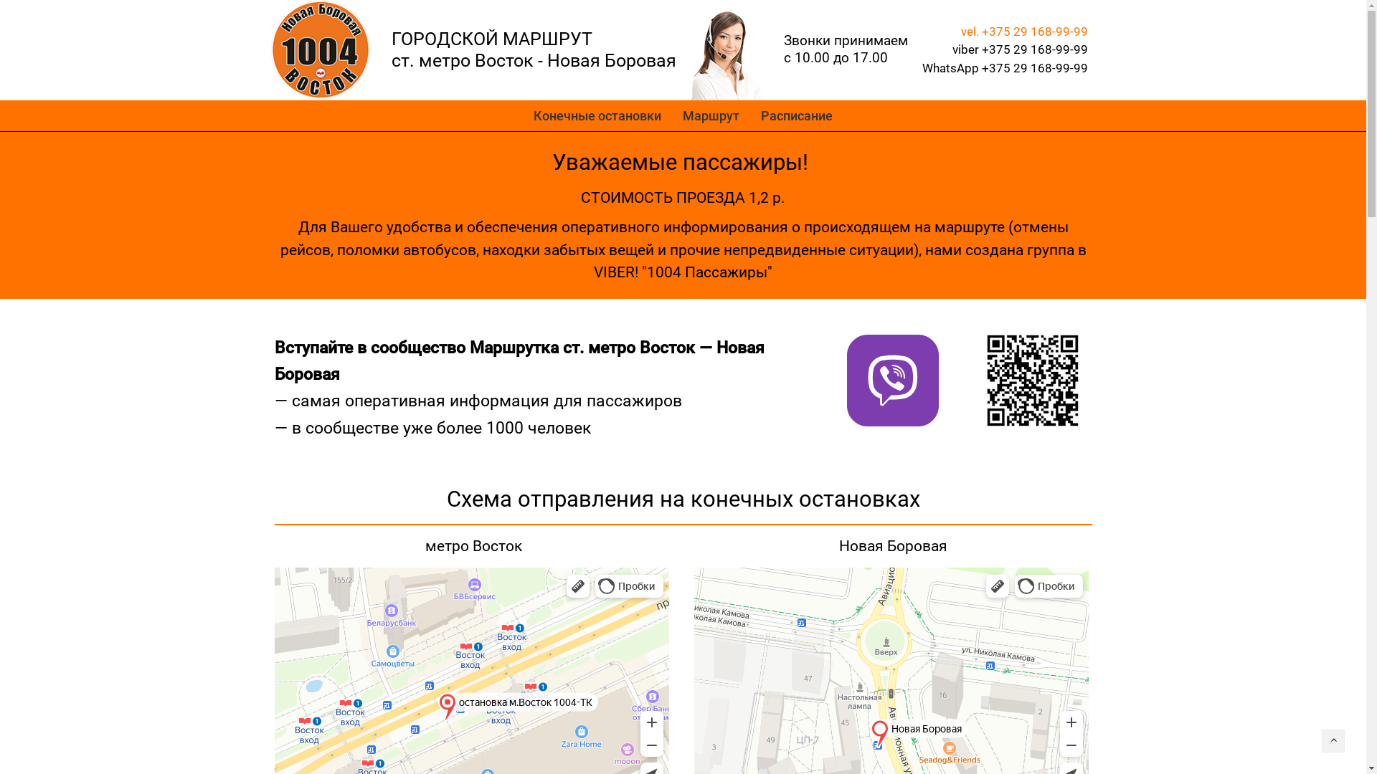 The width and height of the screenshot is (1377, 774). Describe the element at coordinates (1023, 31) in the screenshot. I see `'vel. +375 29 168-99-99'` at that location.